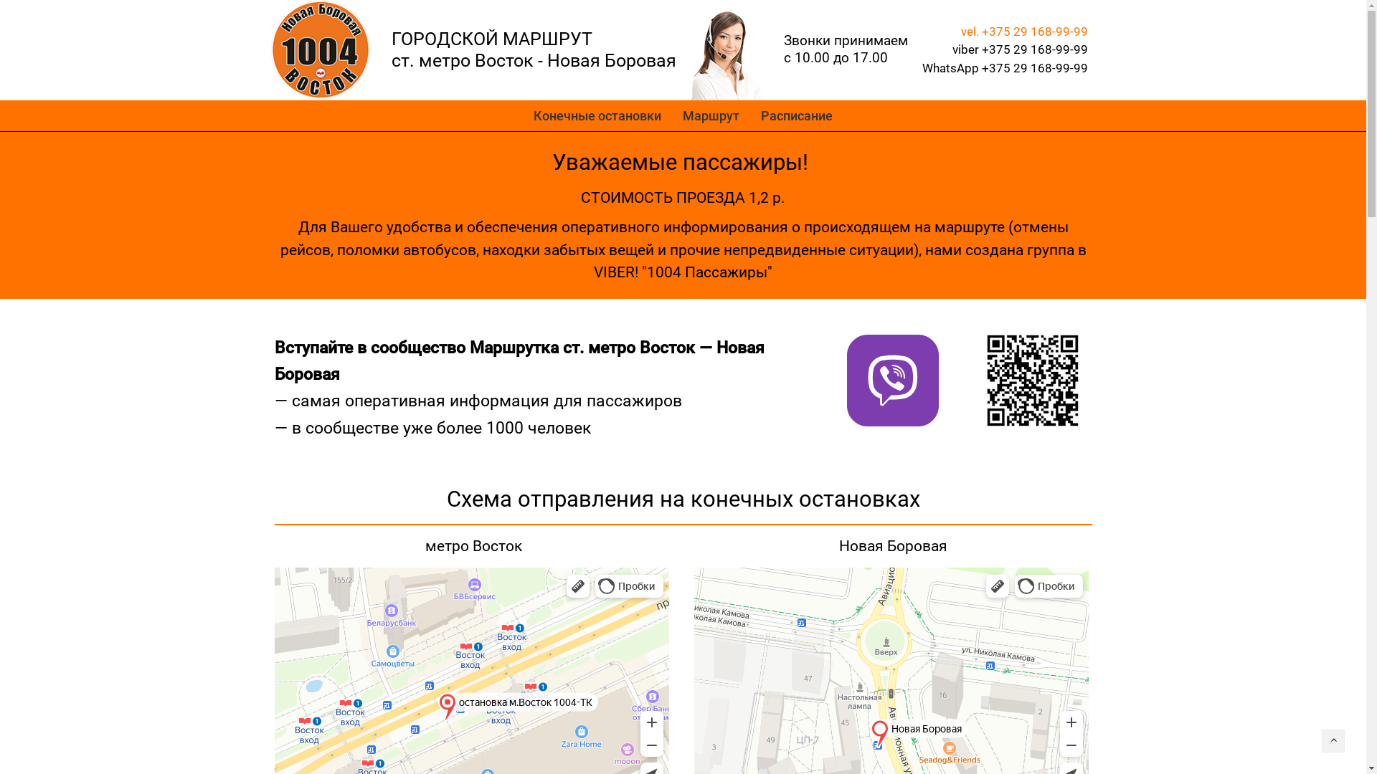 The width and height of the screenshot is (1377, 774). Describe the element at coordinates (1023, 31) in the screenshot. I see `'vel. +375 29 168-99-99'` at that location.